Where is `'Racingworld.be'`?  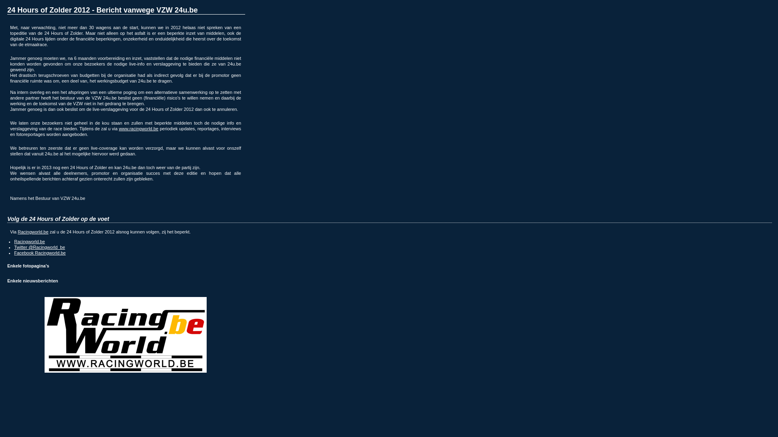 'Racingworld.be' is located at coordinates (32, 232).